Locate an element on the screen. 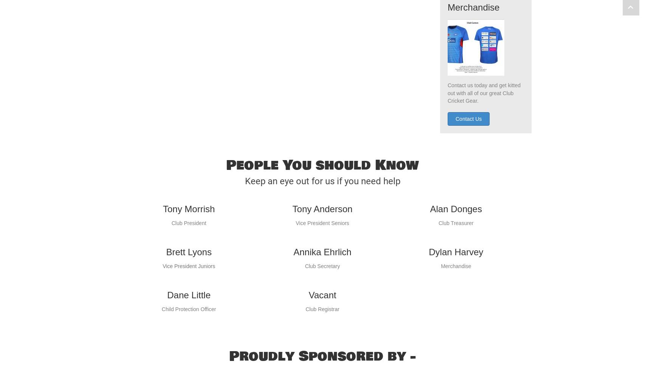  'Brett Lyons' is located at coordinates (188, 267).